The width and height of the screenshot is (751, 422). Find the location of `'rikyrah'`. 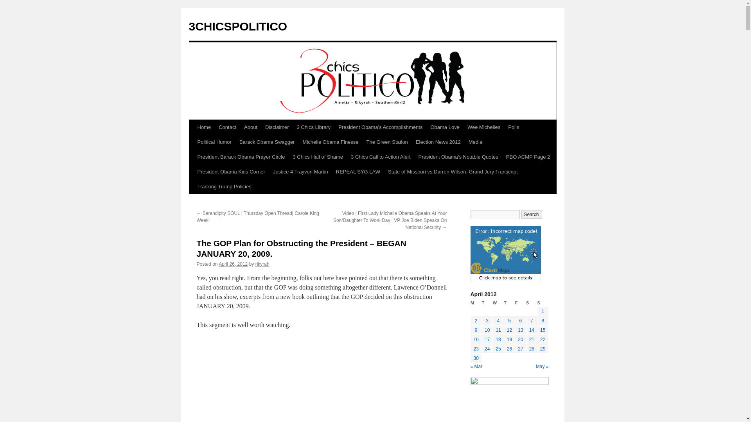

'rikyrah' is located at coordinates (262, 264).